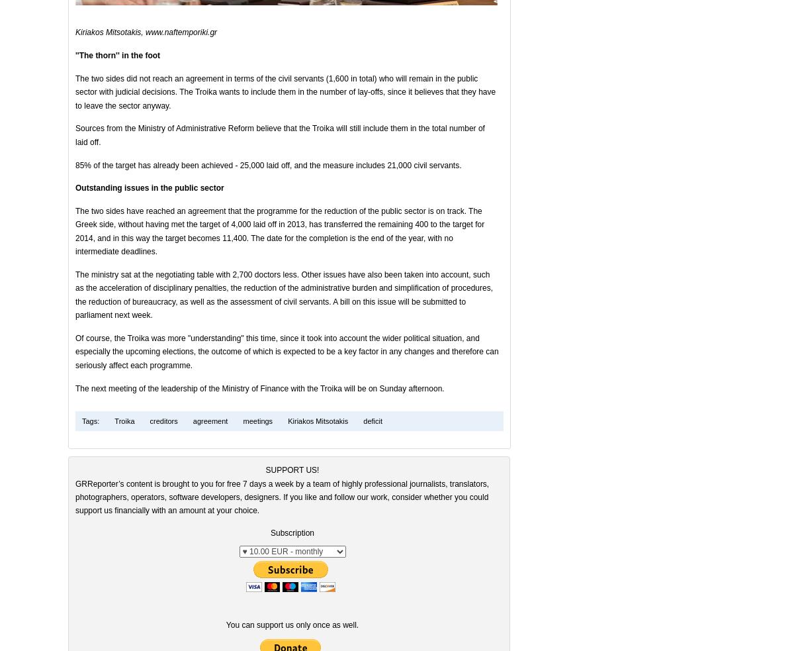 The image size is (794, 651). I want to click on 'The next meeting of the leadership of the Ministry of Finance with the Troika will be on Sunday afternoon.', so click(259, 387).